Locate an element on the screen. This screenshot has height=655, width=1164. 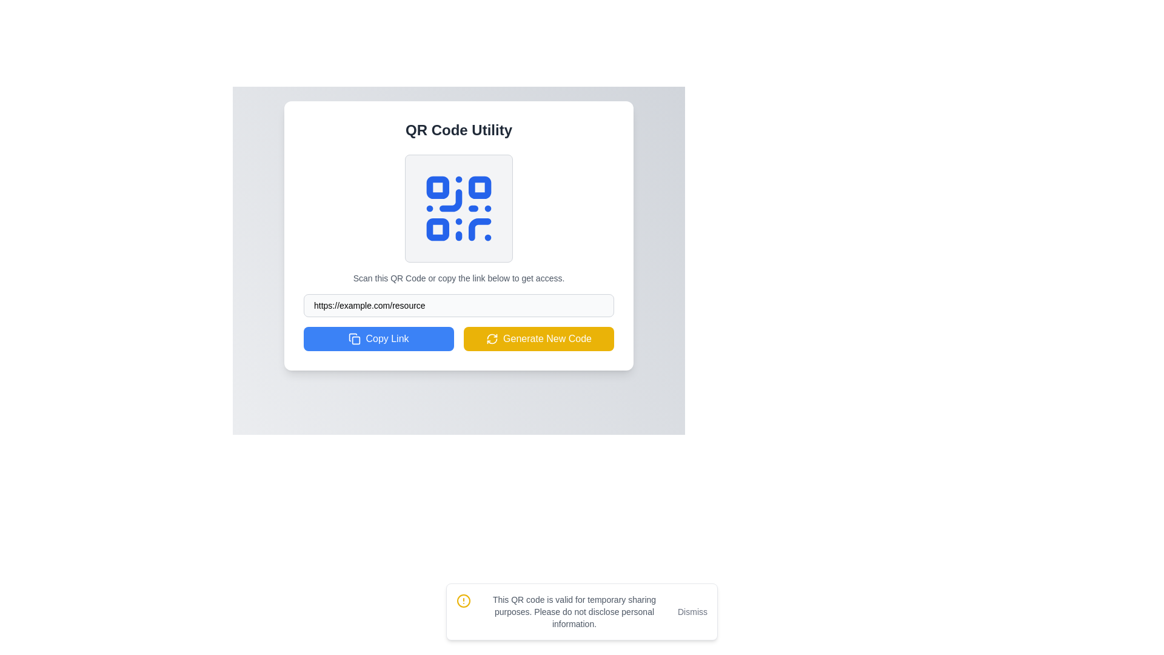
the content of the text input field that contains the URL 'https://example.com/resource', which is styled with rounded corners and a light gray background, located in the modal dialog titled 'QR Code Utility' is located at coordinates (458, 305).